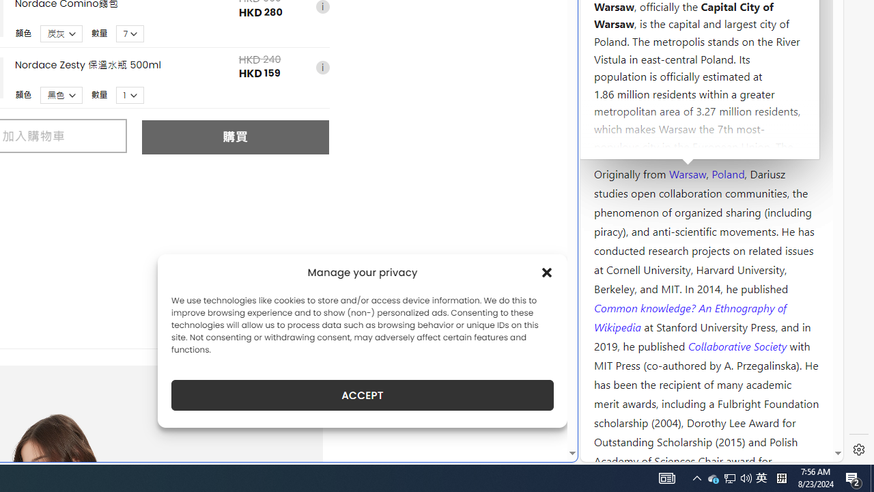 This screenshot has height=492, width=874. I want to click on 'Common knowledge? An Ethnography of Wikipedia', so click(690, 317).